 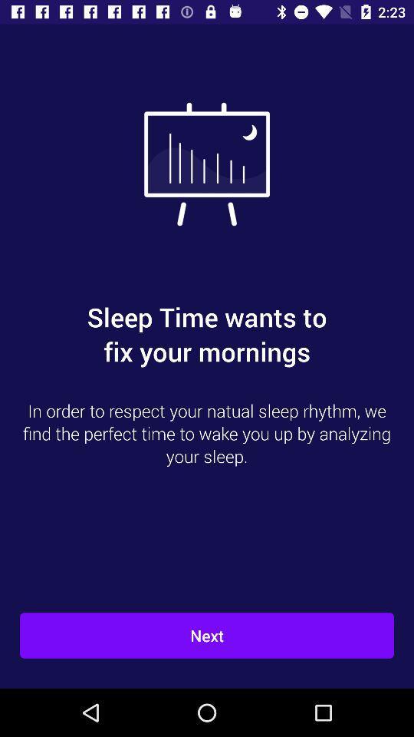 What do you see at coordinates (207, 636) in the screenshot?
I see `the next item` at bounding box center [207, 636].